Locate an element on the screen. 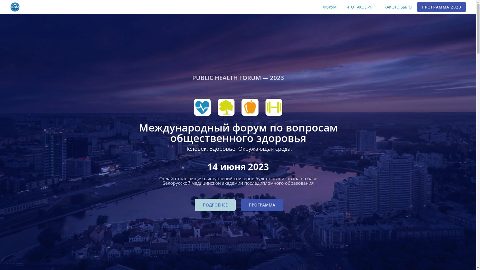 Image resolution: width=480 pixels, height=270 pixels. 'healthforum.by' is located at coordinates (10, 7).